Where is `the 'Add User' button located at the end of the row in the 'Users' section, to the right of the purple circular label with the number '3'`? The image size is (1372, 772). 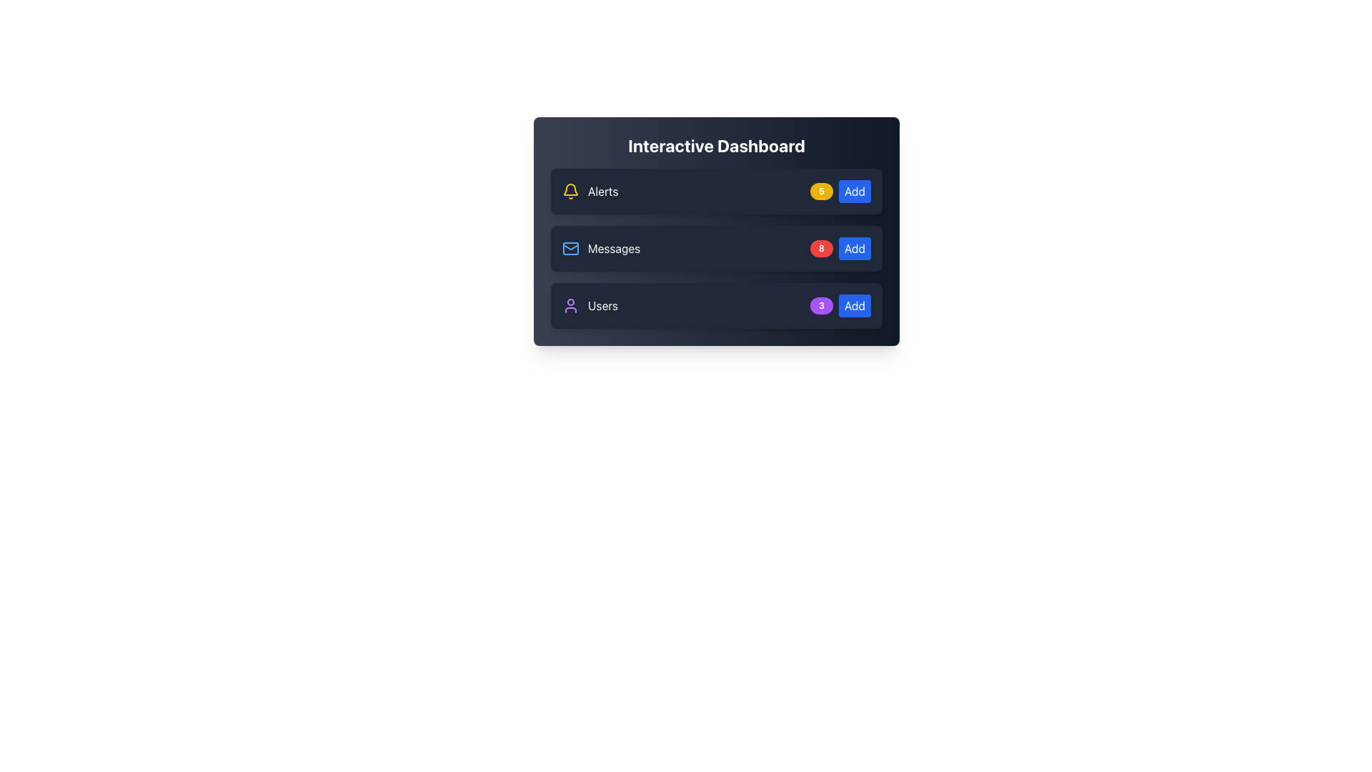
the 'Add User' button located at the end of the row in the 'Users' section, to the right of the purple circular label with the number '3' is located at coordinates (855, 305).